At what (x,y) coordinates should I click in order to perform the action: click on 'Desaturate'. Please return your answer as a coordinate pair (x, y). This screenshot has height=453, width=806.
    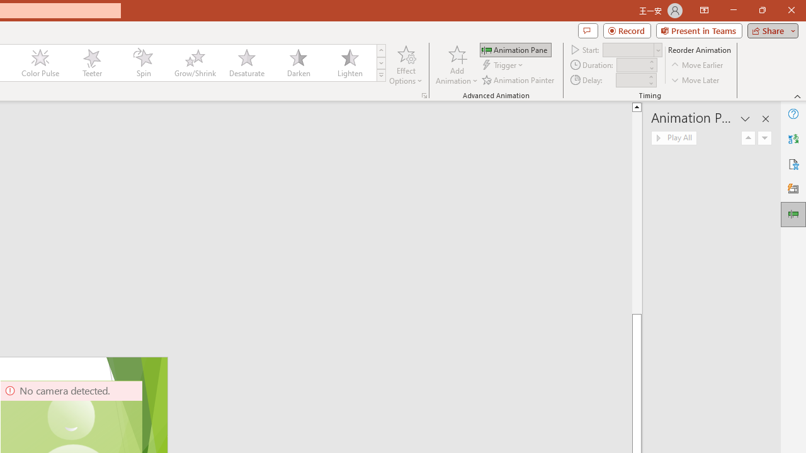
    Looking at the image, I should click on (246, 63).